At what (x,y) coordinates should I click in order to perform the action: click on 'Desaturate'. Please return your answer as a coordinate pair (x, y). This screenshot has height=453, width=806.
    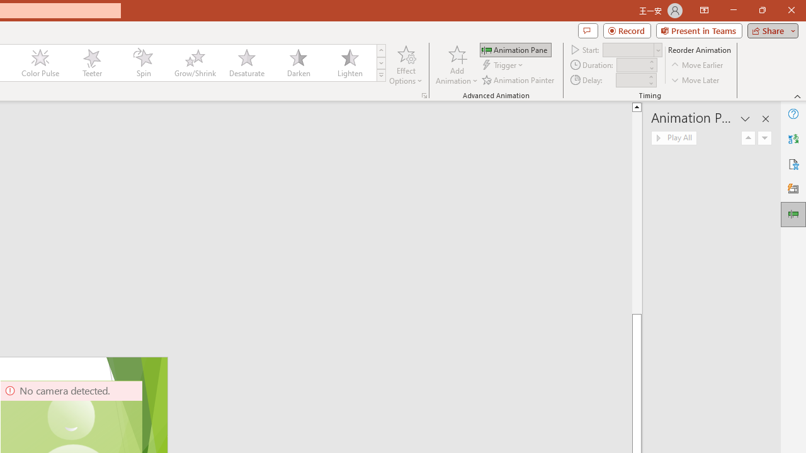
    Looking at the image, I should click on (246, 63).